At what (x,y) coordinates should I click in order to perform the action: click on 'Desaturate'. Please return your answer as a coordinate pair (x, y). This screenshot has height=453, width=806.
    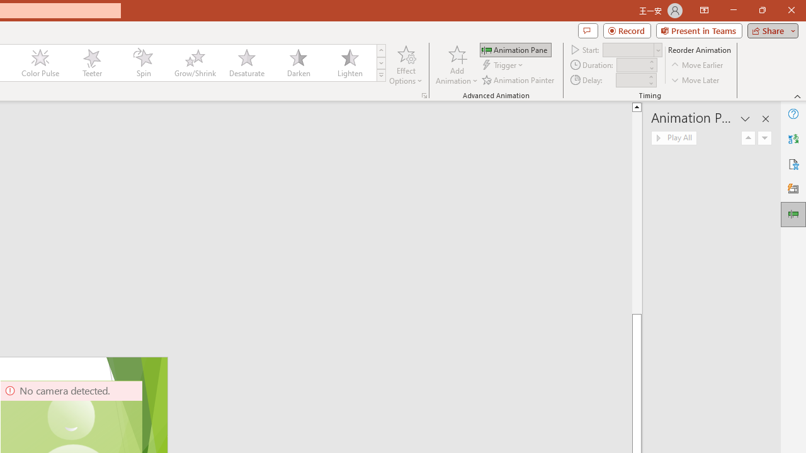
    Looking at the image, I should click on (246, 63).